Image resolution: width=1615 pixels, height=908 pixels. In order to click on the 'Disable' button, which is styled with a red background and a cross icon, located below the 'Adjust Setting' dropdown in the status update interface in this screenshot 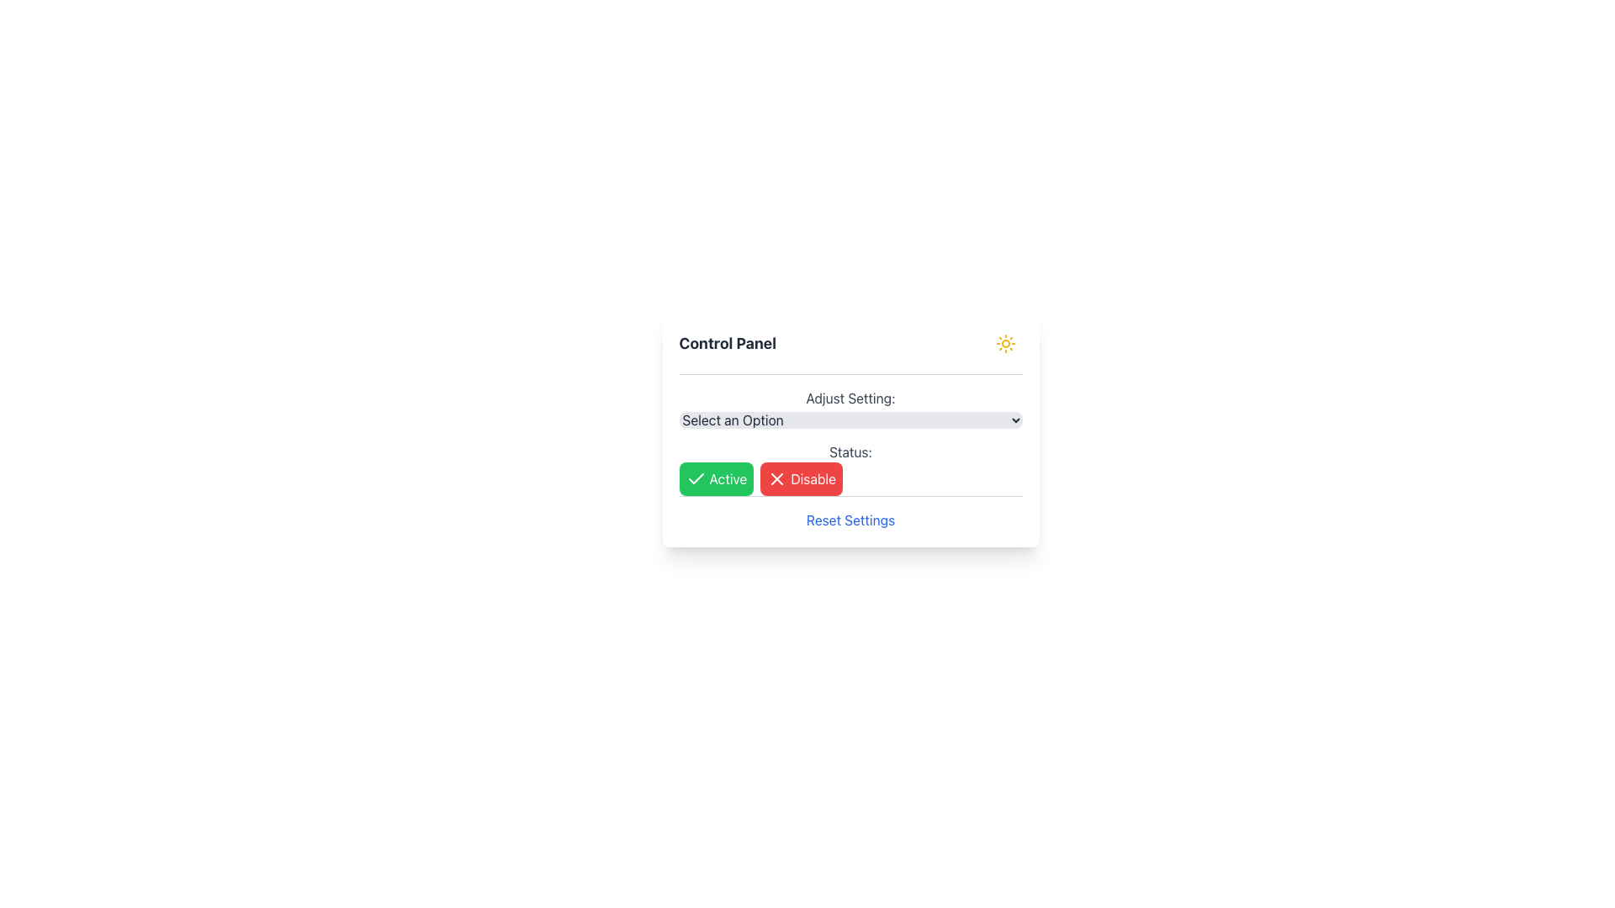, I will do `click(850, 469)`.